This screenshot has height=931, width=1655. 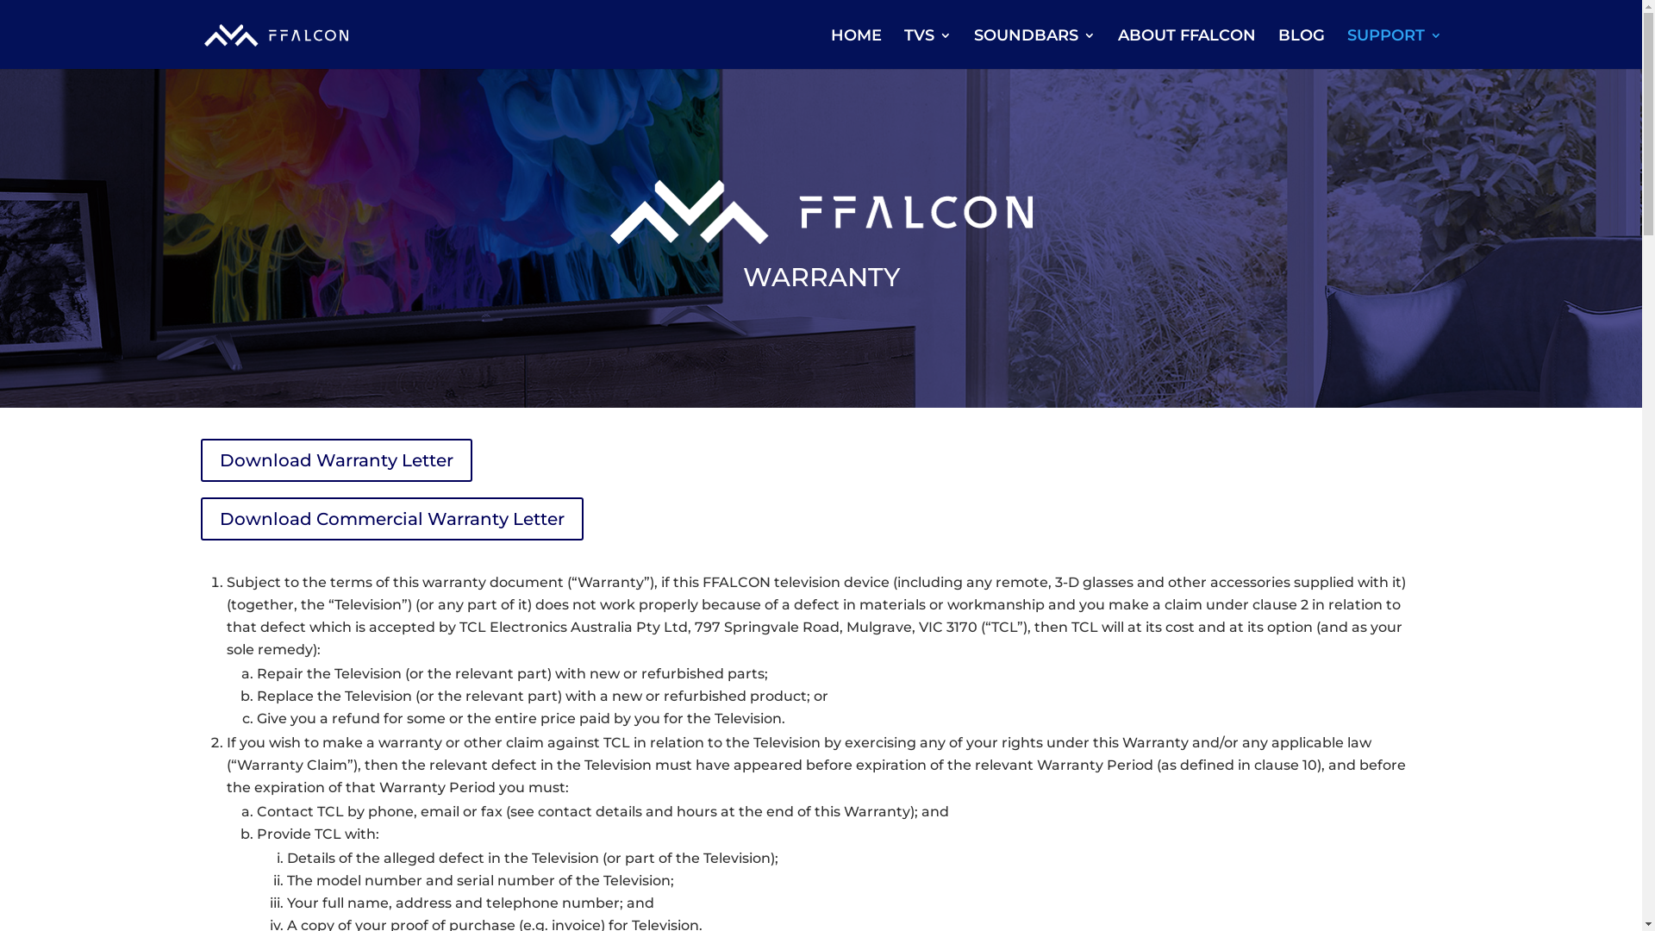 I want to click on 'SUPPORT', so click(x=1345, y=48).